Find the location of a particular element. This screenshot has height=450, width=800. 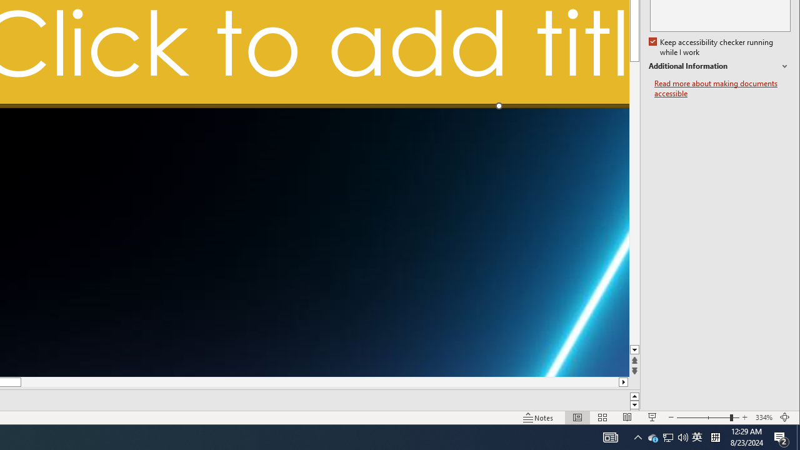

'Read more about making documents accessible' is located at coordinates (722, 88).